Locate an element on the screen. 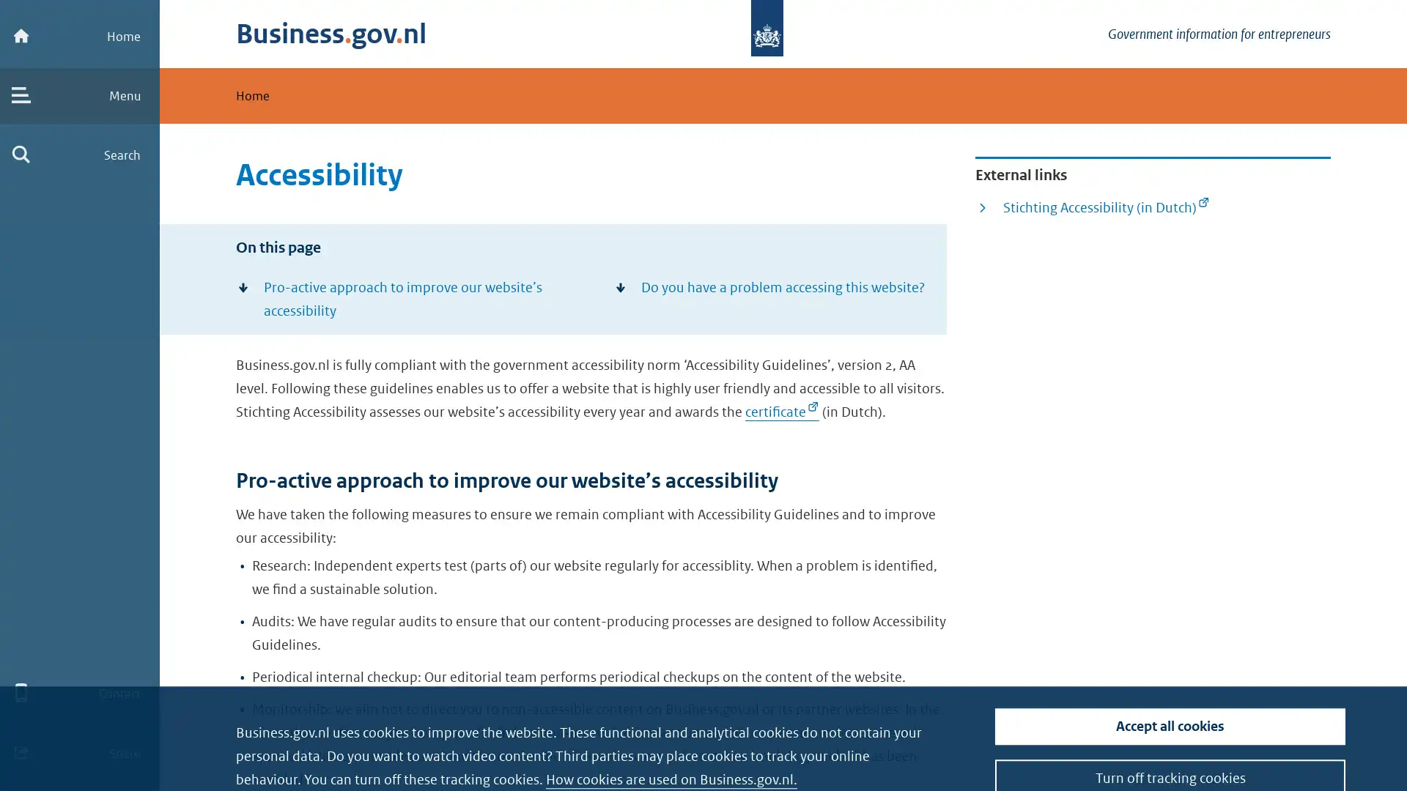 This screenshot has height=791, width=1407. Turn off tracking cookies is located at coordinates (1170, 743).